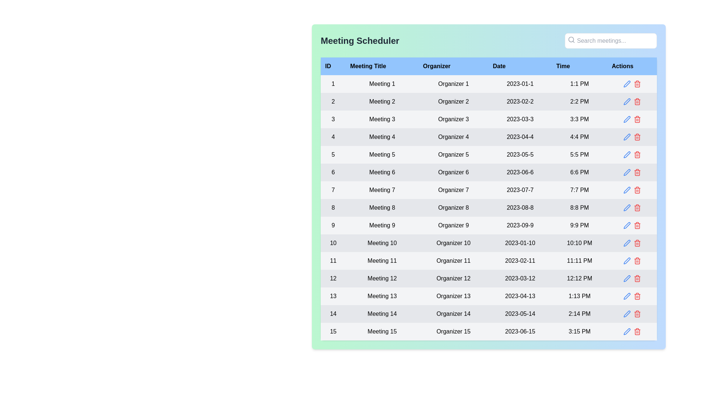  I want to click on text label displaying the date for 'Meeting 11' in the 'Date' column of the table, so click(520, 261).